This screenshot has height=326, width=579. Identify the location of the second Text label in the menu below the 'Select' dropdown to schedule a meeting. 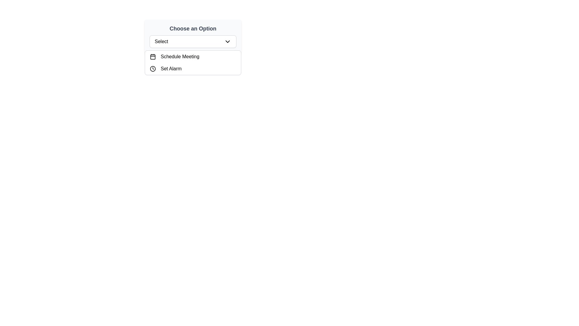
(180, 57).